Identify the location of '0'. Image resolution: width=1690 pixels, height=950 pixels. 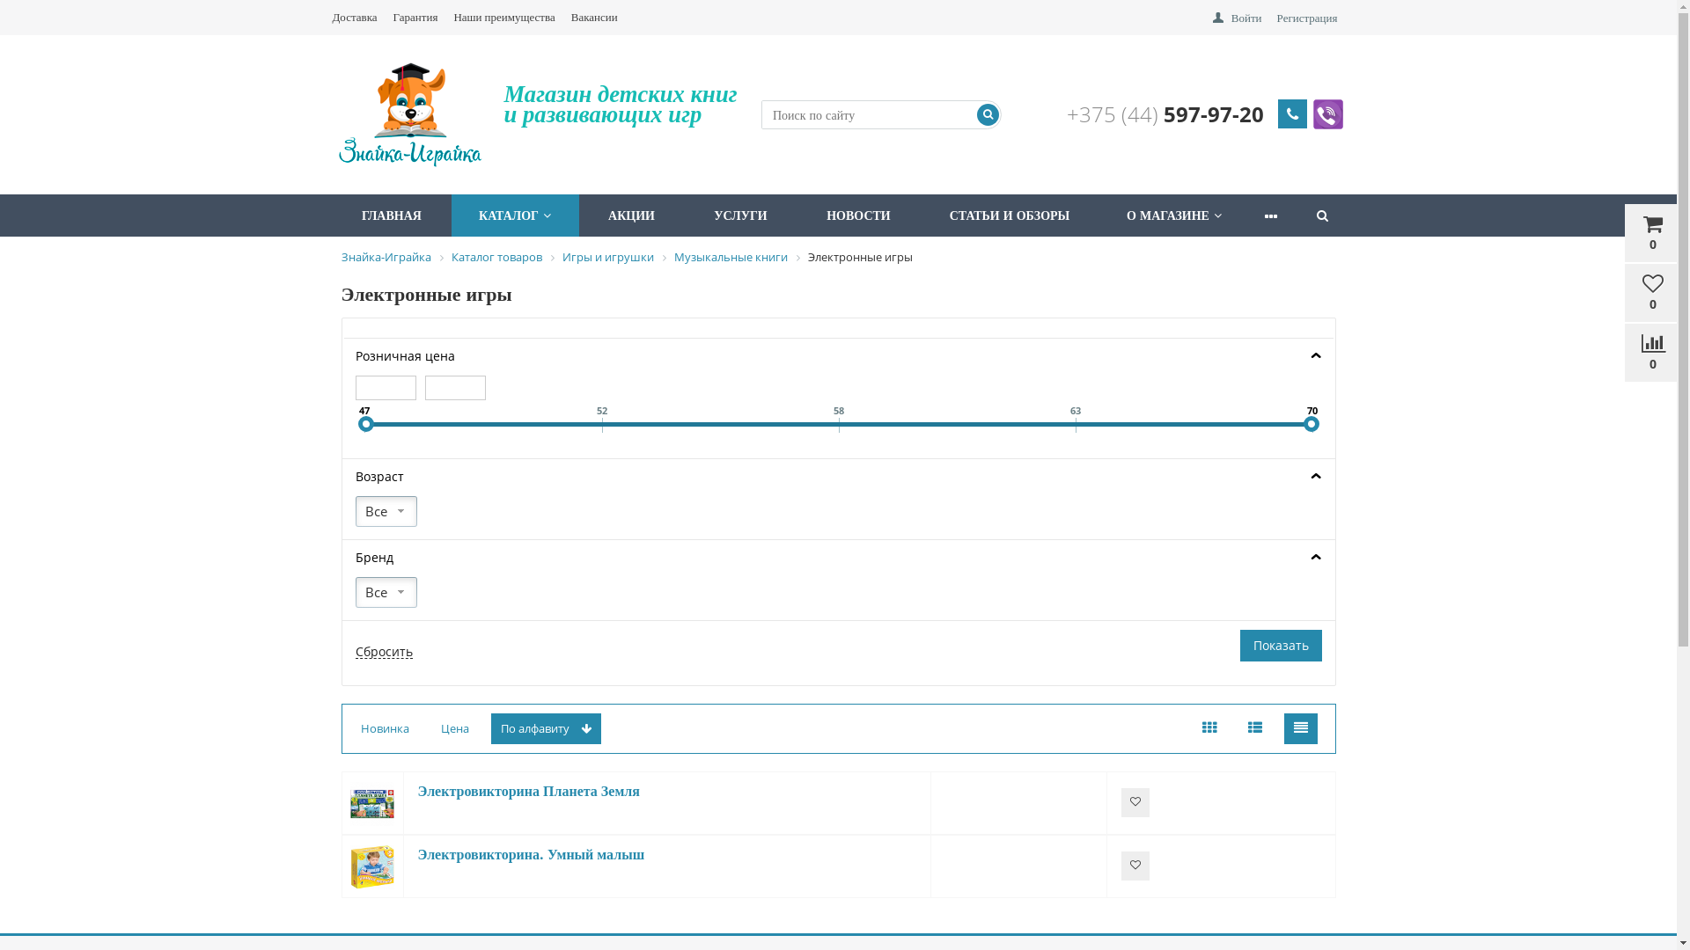
(1651, 353).